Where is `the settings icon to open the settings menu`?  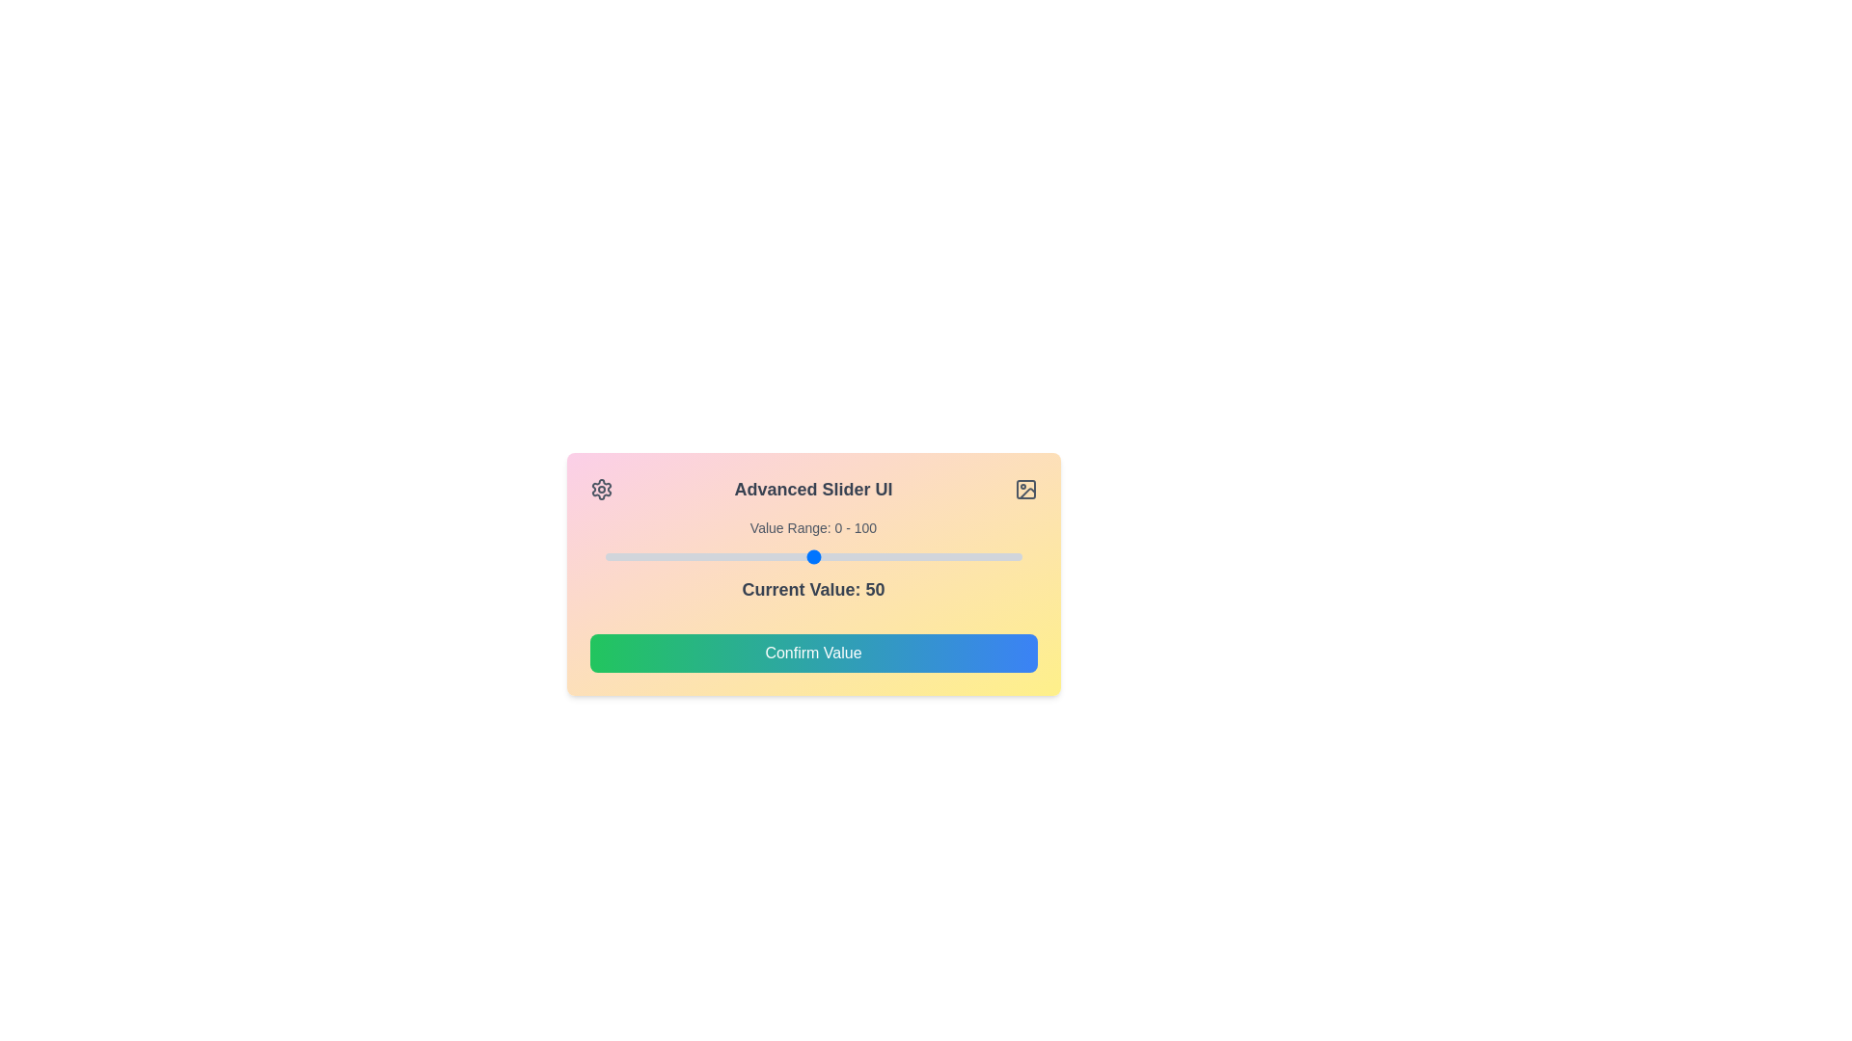 the settings icon to open the settings menu is located at coordinates (600, 489).